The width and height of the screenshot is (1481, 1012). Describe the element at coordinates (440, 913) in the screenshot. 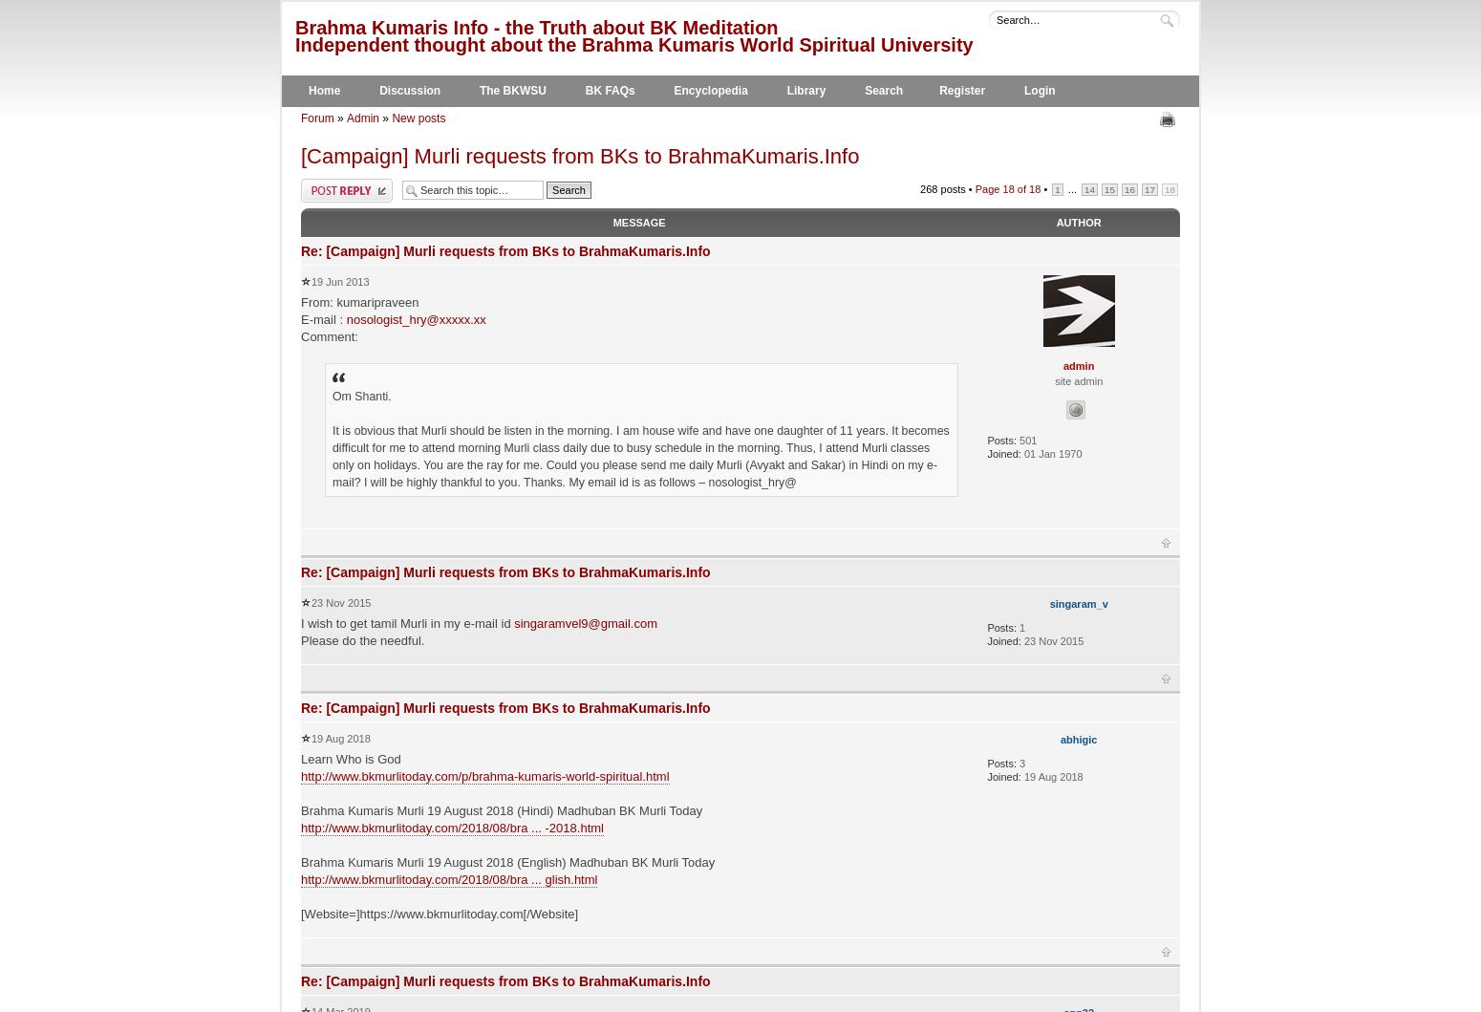

I see `'[Website=]https://www.bkmurlitoday.com[/Website]'` at that location.